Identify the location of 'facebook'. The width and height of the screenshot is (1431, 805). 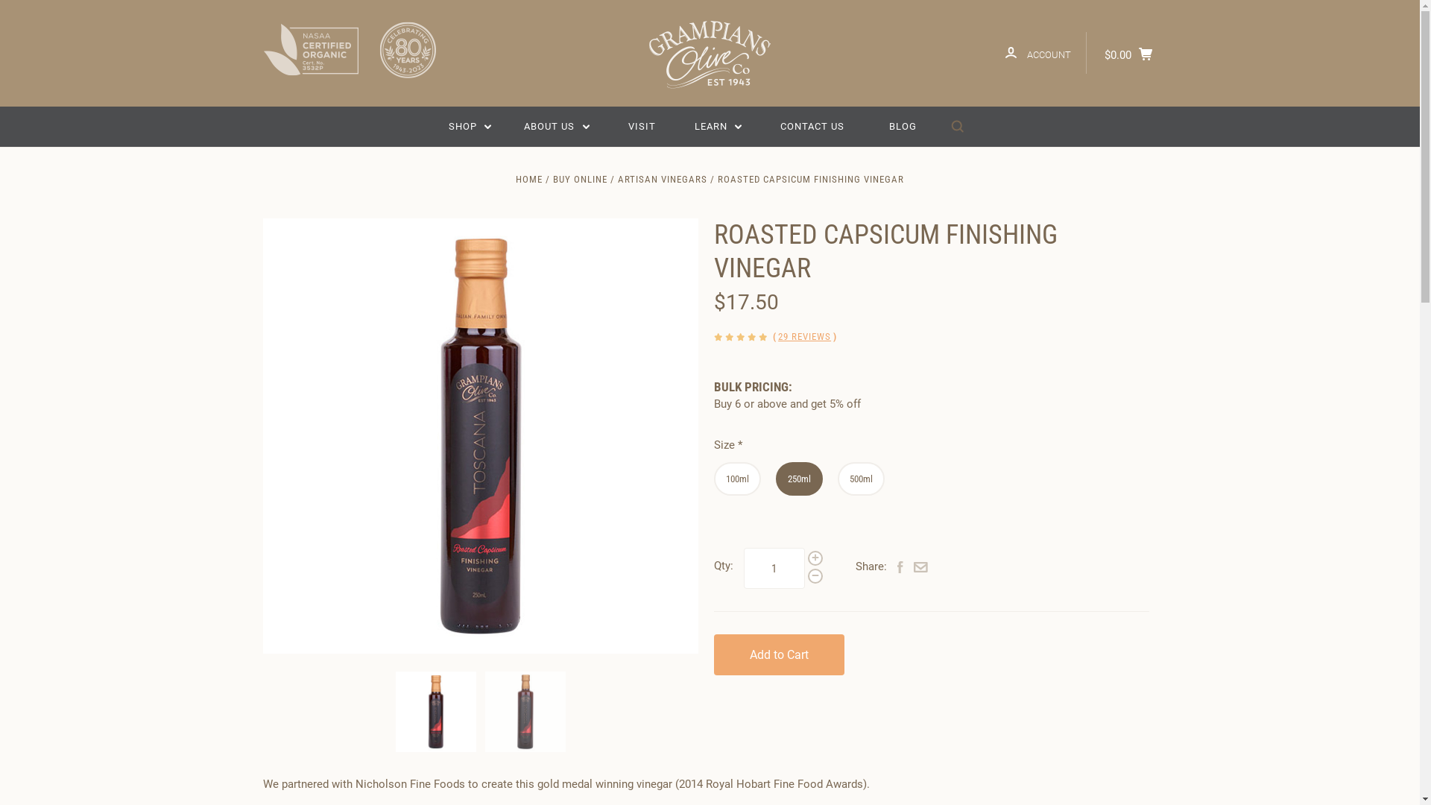
(900, 569).